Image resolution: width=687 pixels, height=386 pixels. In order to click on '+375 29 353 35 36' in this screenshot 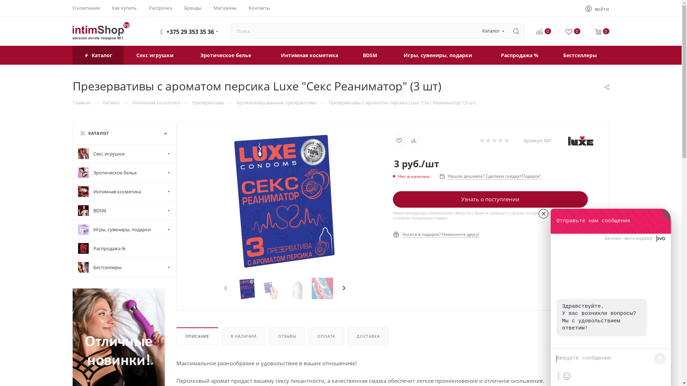, I will do `click(190, 31)`.